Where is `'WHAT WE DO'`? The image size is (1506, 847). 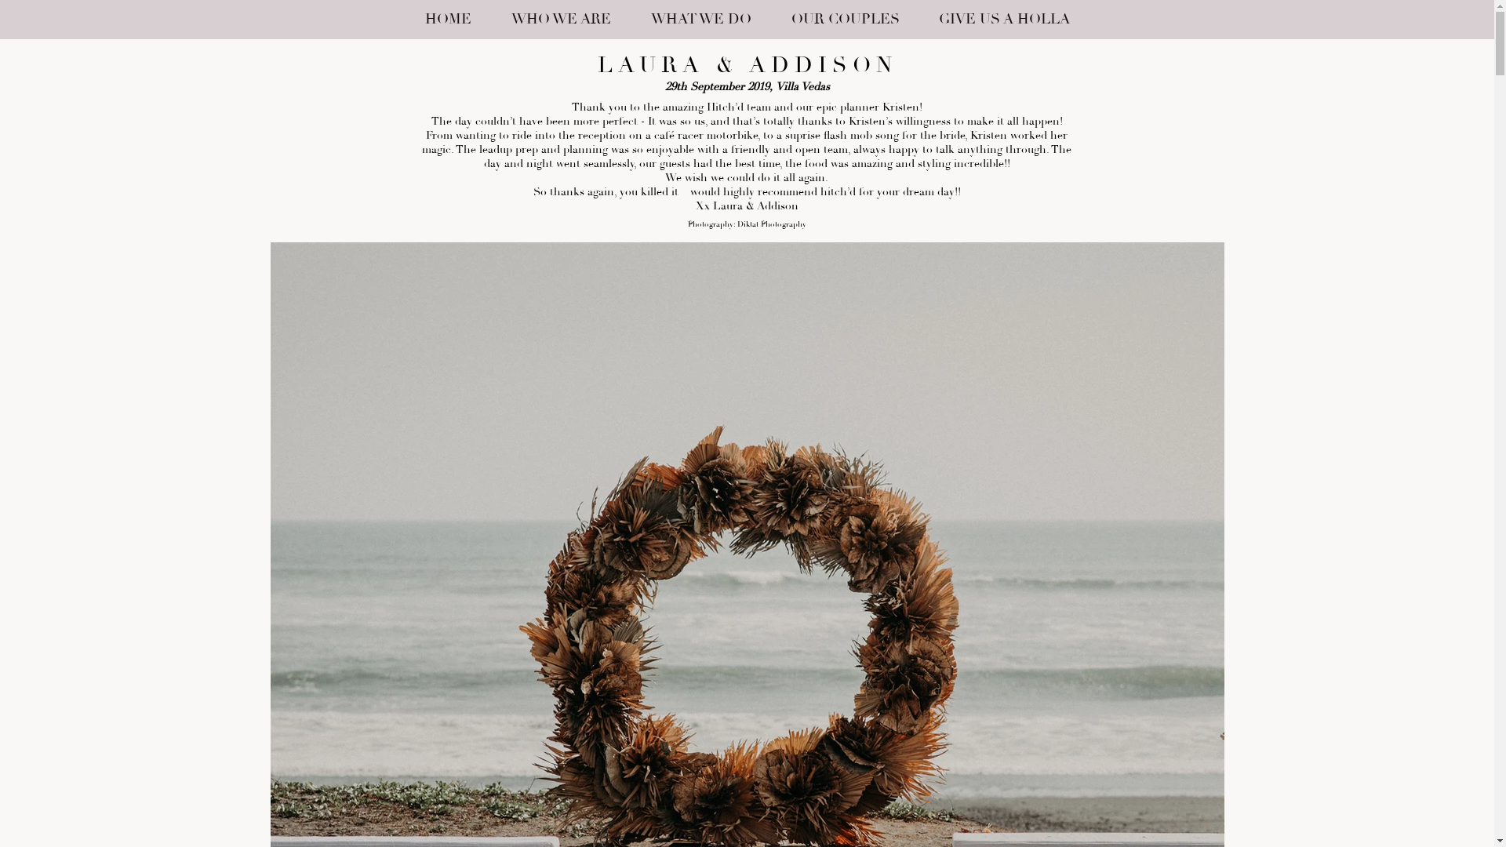 'WHAT WE DO' is located at coordinates (700, 19).